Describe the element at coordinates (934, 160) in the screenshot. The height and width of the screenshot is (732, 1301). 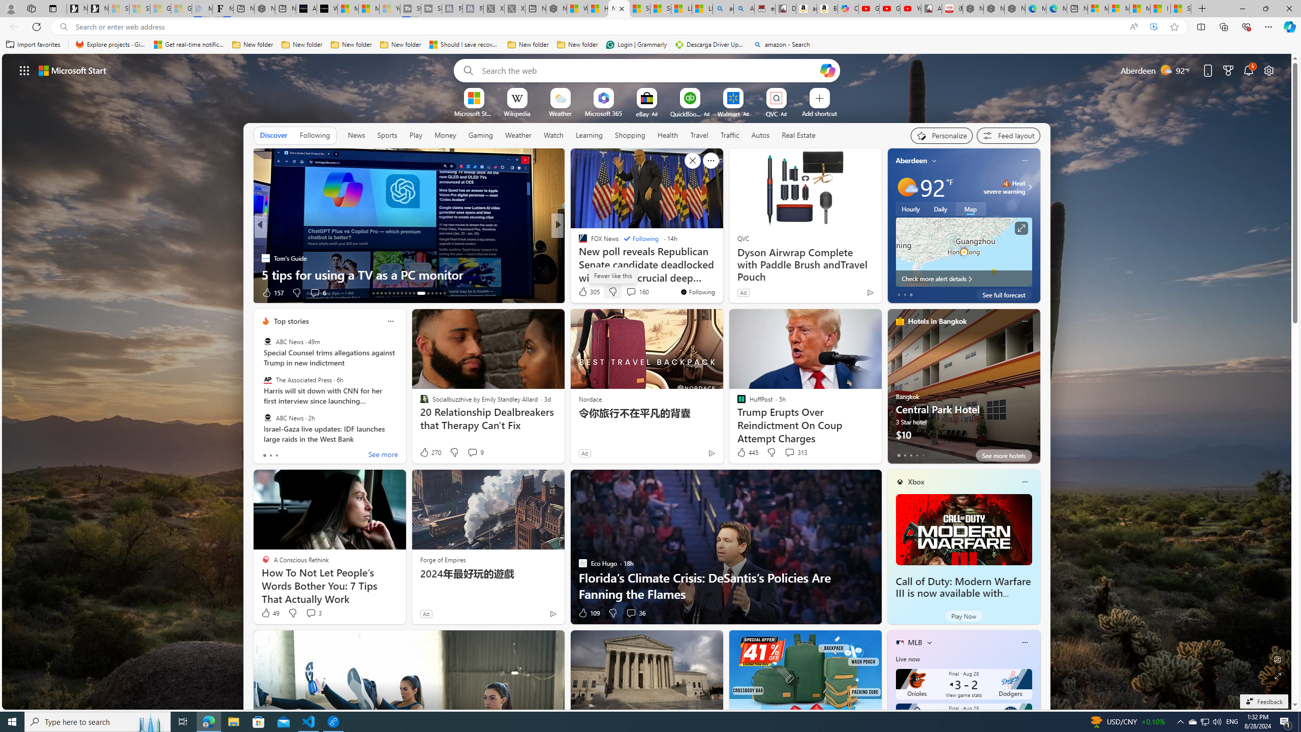
I see `'My location'` at that location.